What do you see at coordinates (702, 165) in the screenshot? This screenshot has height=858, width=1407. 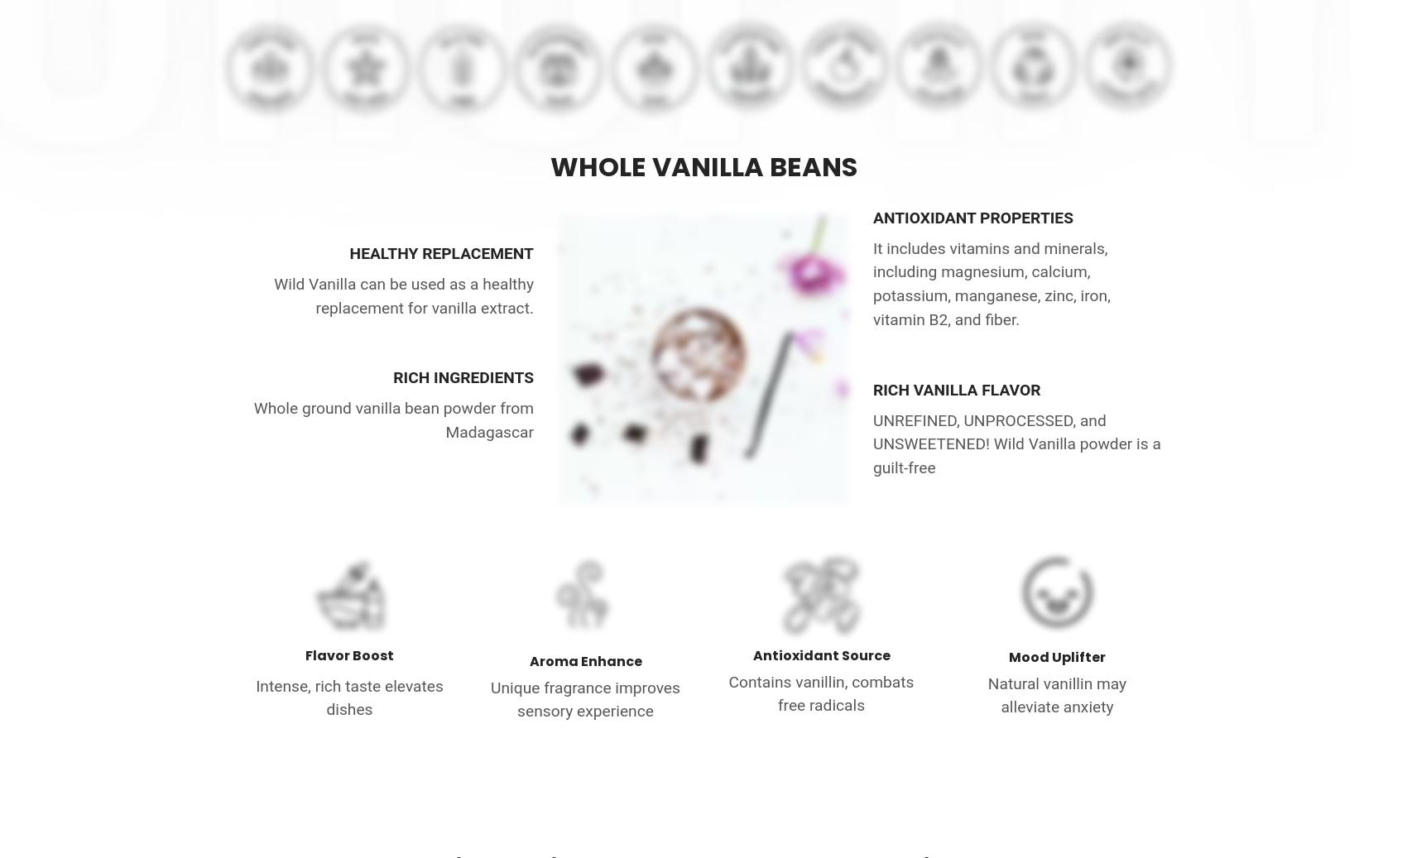 I see `'WHOLE VANILLA BEANS'` at bounding box center [702, 165].